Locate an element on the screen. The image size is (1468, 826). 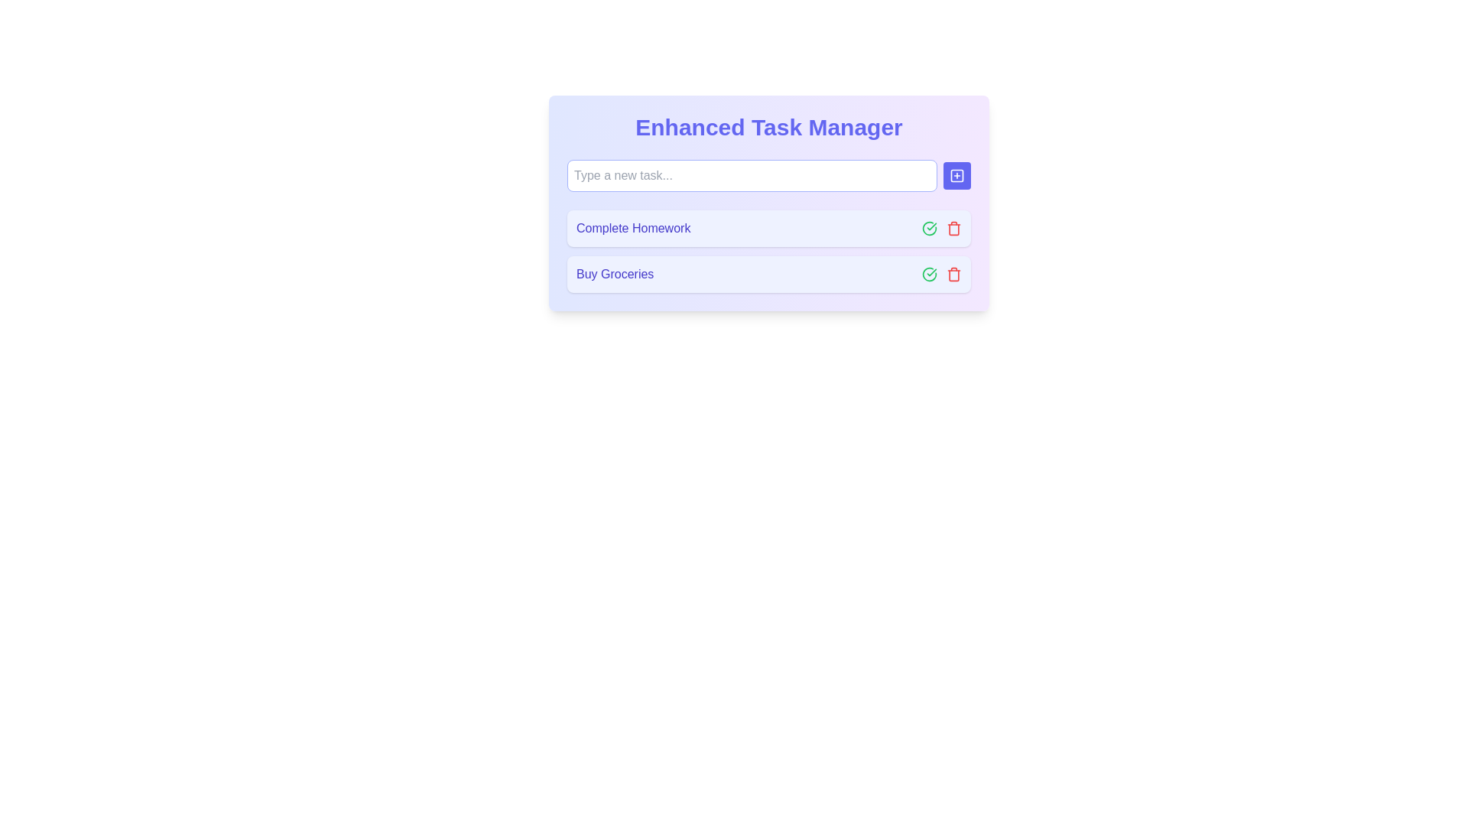
the bold indigo text label that reads 'Complete Homework' located at the top of the task list in the task management application is located at coordinates (633, 229).